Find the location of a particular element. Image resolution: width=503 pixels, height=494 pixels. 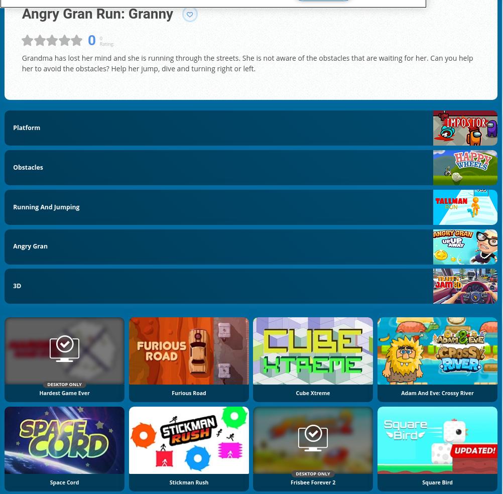

'Space Cord' is located at coordinates (63, 481).